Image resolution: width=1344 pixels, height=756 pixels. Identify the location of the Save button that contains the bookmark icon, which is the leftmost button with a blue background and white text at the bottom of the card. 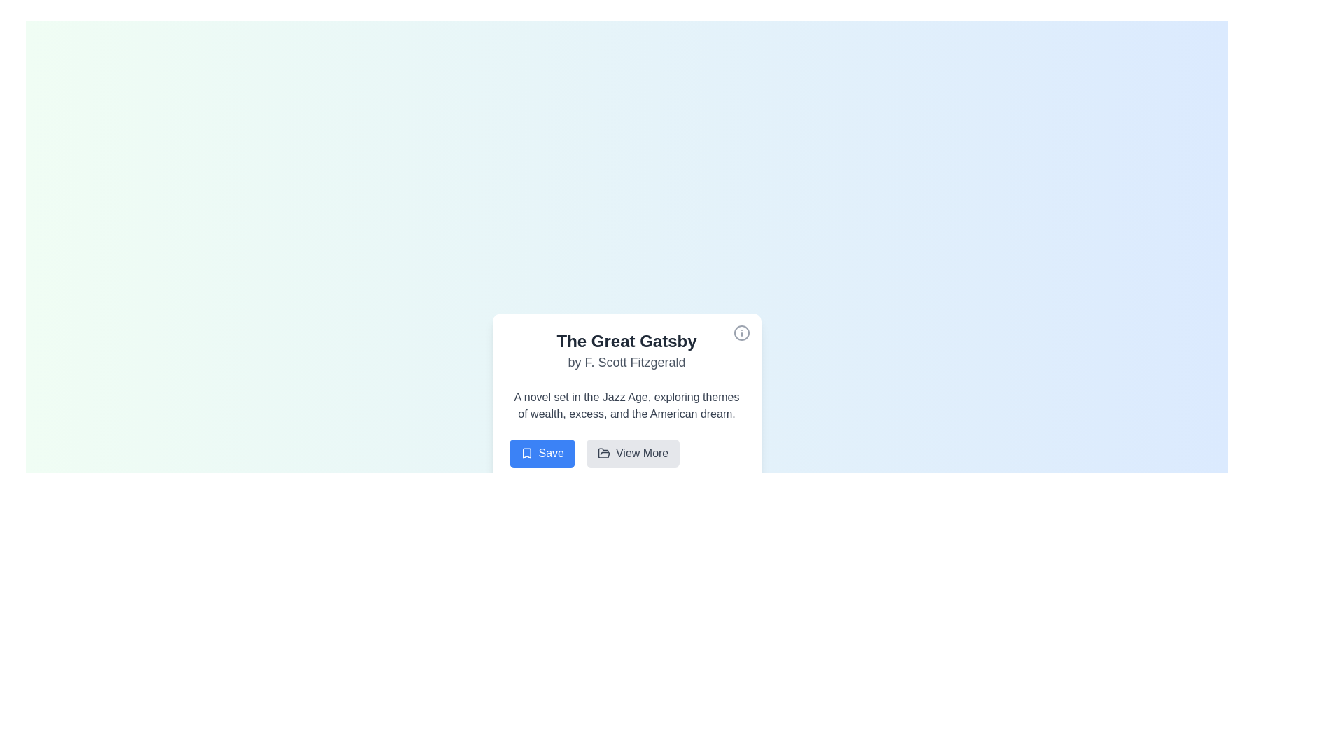
(526, 454).